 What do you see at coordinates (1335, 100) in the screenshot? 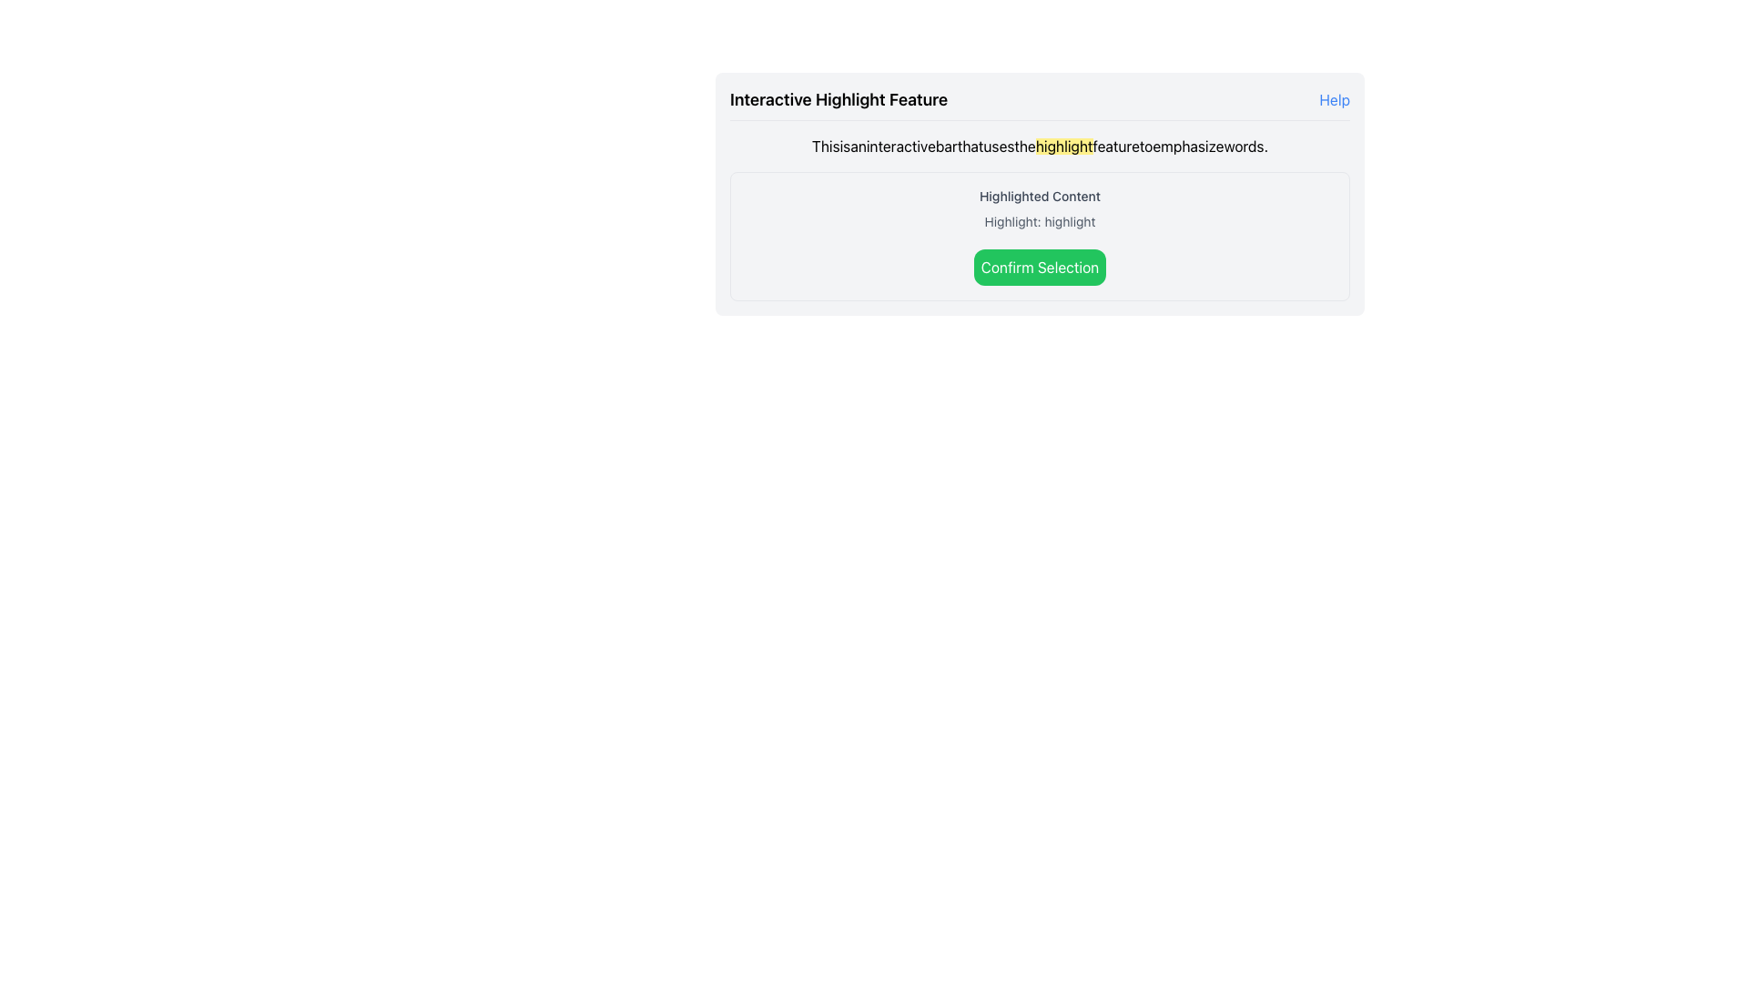
I see `the hyperlink located in the top-right corner of the 'Interactive Highlight Feature' section` at bounding box center [1335, 100].